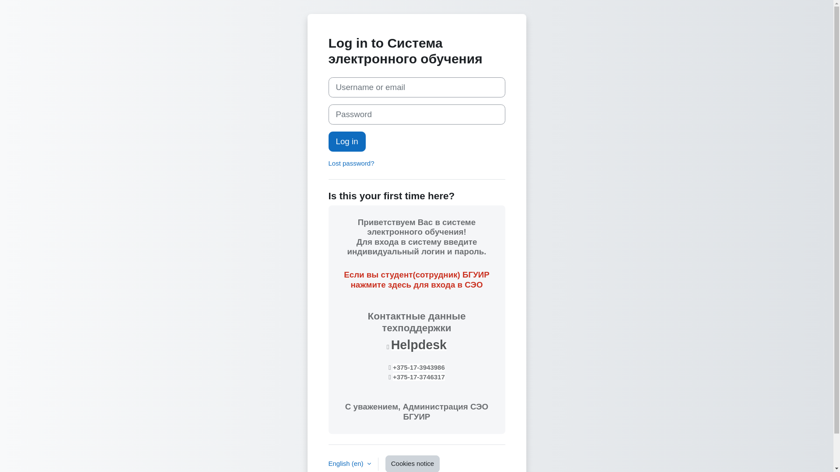 The width and height of the screenshot is (840, 472). I want to click on 'Helpdesk', so click(418, 344).